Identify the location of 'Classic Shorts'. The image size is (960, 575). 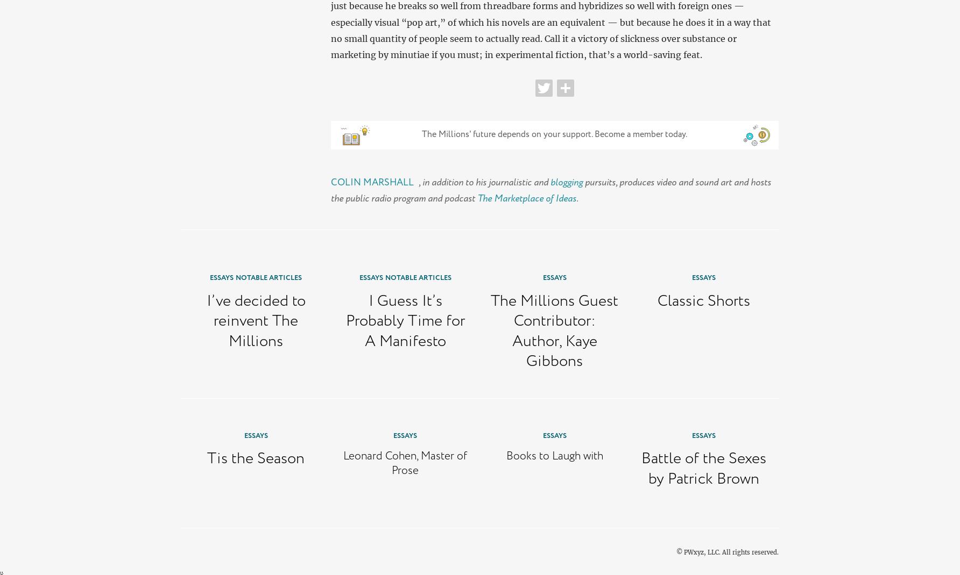
(703, 300).